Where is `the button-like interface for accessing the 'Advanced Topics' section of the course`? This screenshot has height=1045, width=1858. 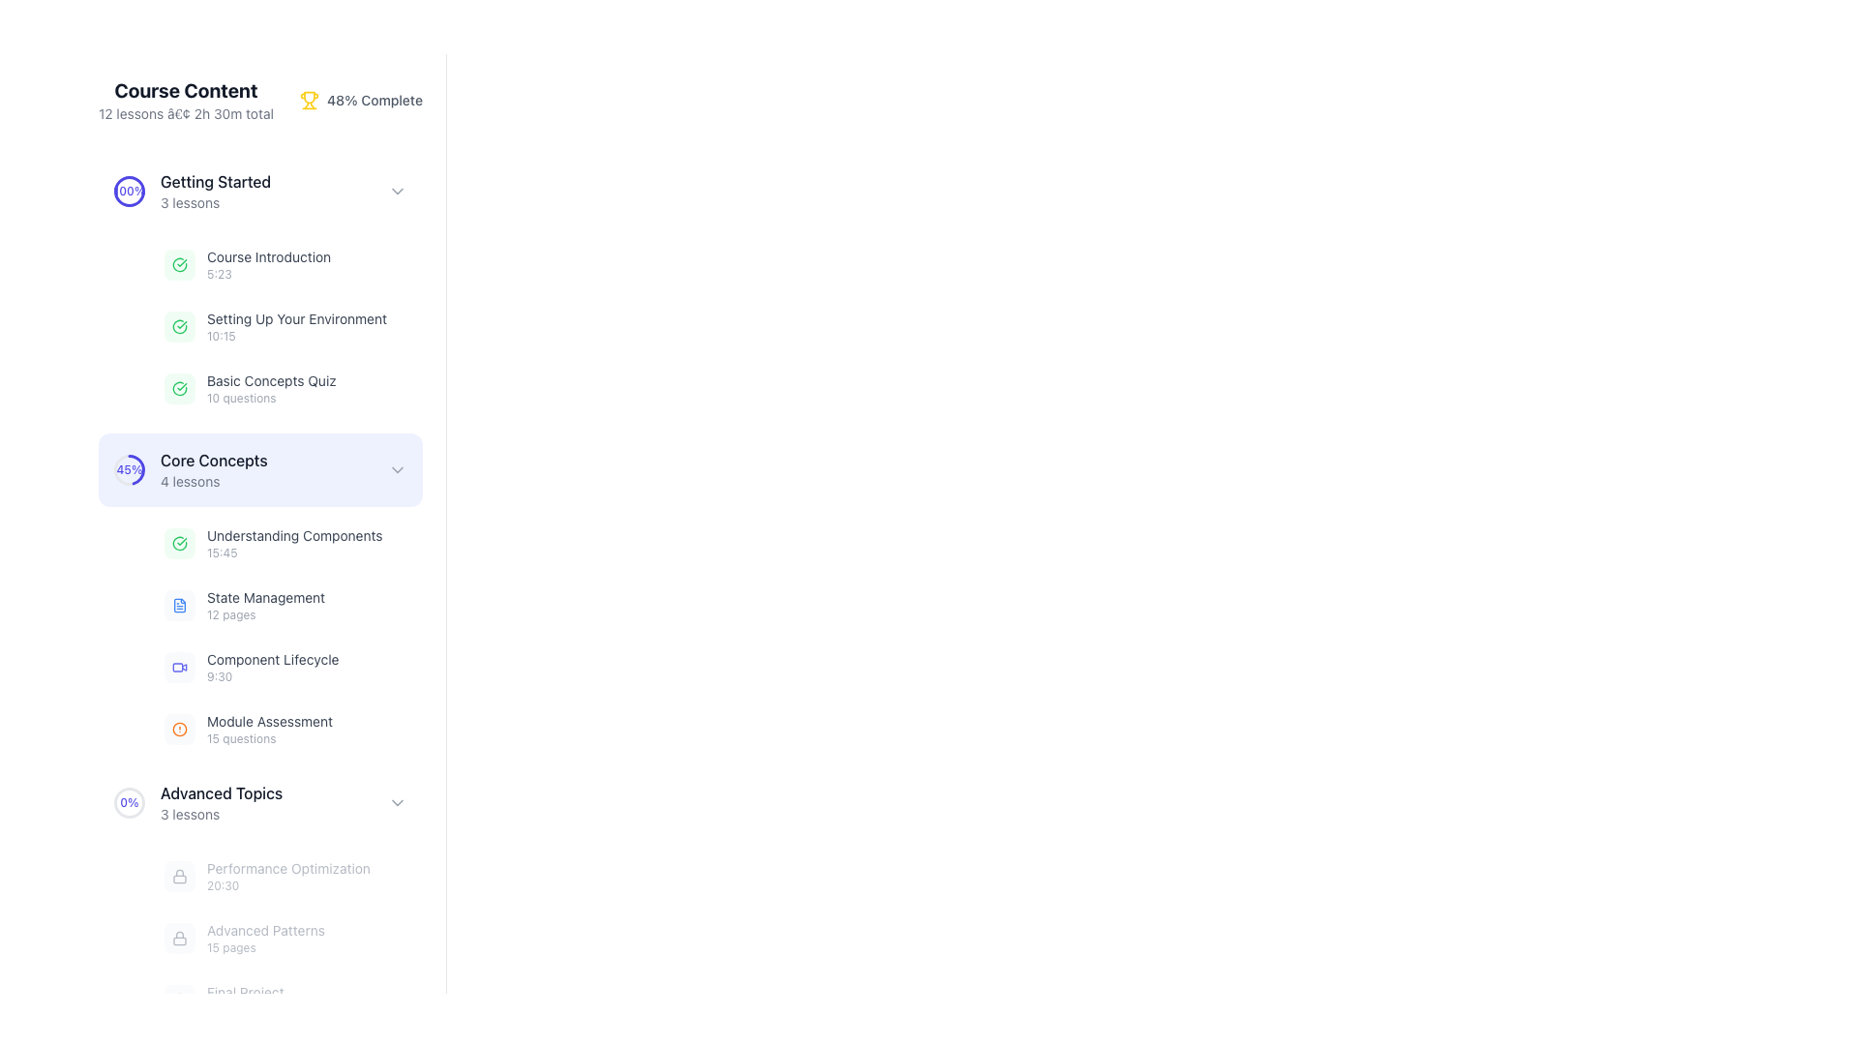
the button-like interface for accessing the 'Advanced Topics' section of the course is located at coordinates (259, 802).